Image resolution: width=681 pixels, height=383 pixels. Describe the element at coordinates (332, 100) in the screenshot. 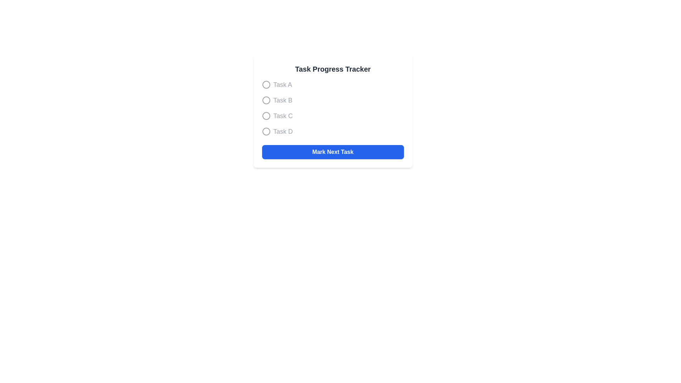

I see `the radio button of the second item in the selectable list labeled 'Task B' for keyboard interaction` at that location.